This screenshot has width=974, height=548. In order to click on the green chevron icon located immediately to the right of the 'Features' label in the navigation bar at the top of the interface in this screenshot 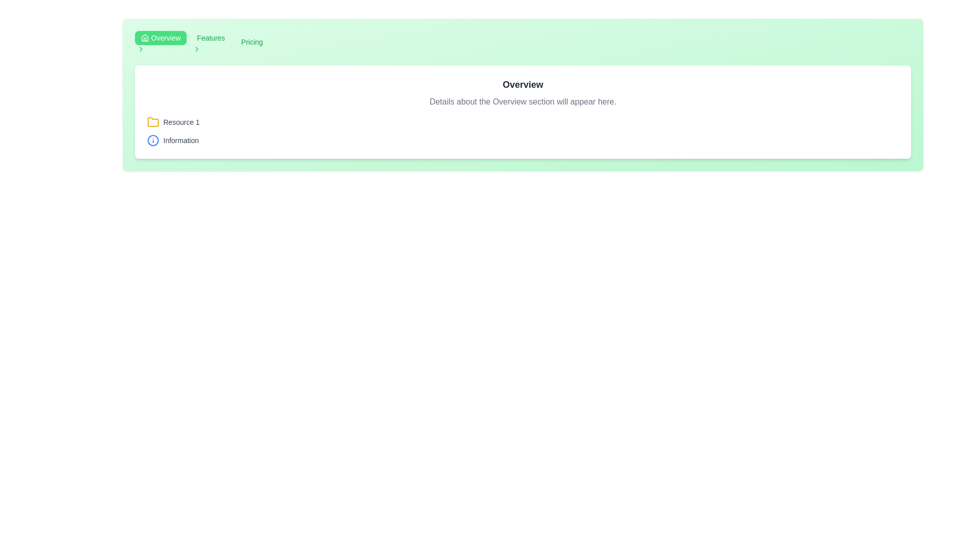, I will do `click(197, 49)`.